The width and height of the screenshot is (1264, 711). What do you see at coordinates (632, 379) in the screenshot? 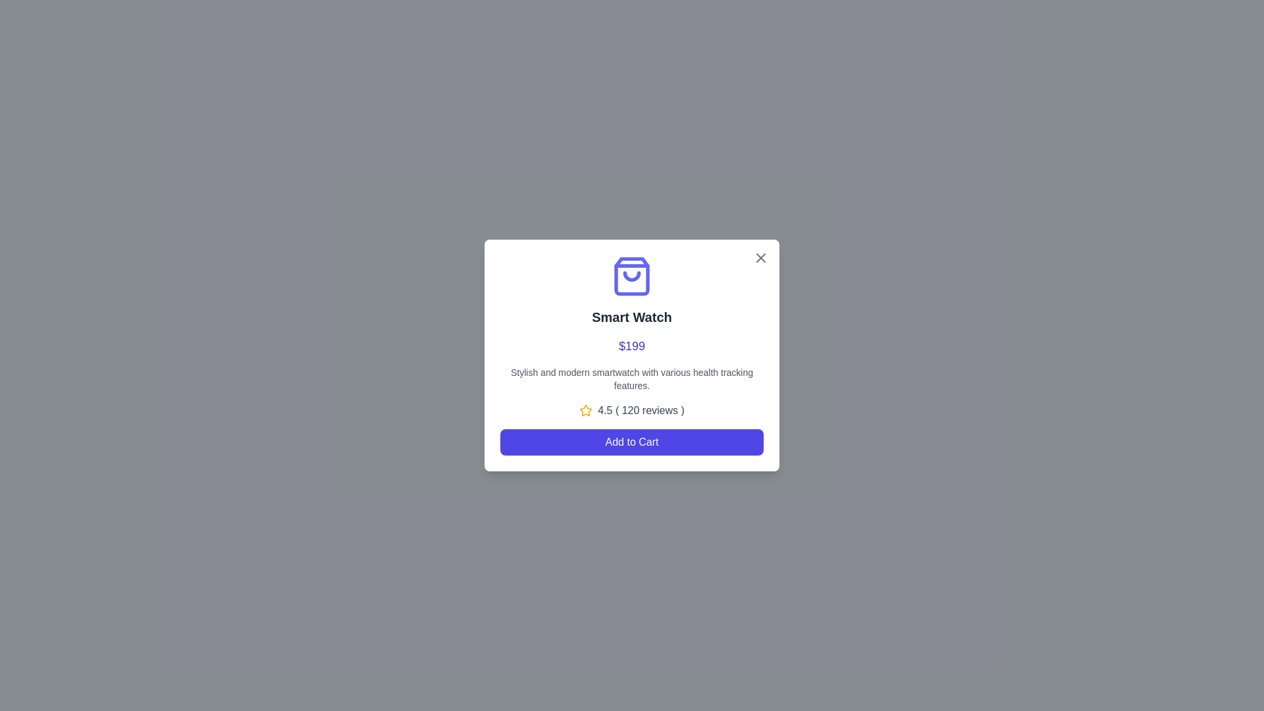
I see `text content 'Stylish and modern smartwatch with various health tracking features.' located centrally in the pop-up interface below the price '$199'` at bounding box center [632, 379].